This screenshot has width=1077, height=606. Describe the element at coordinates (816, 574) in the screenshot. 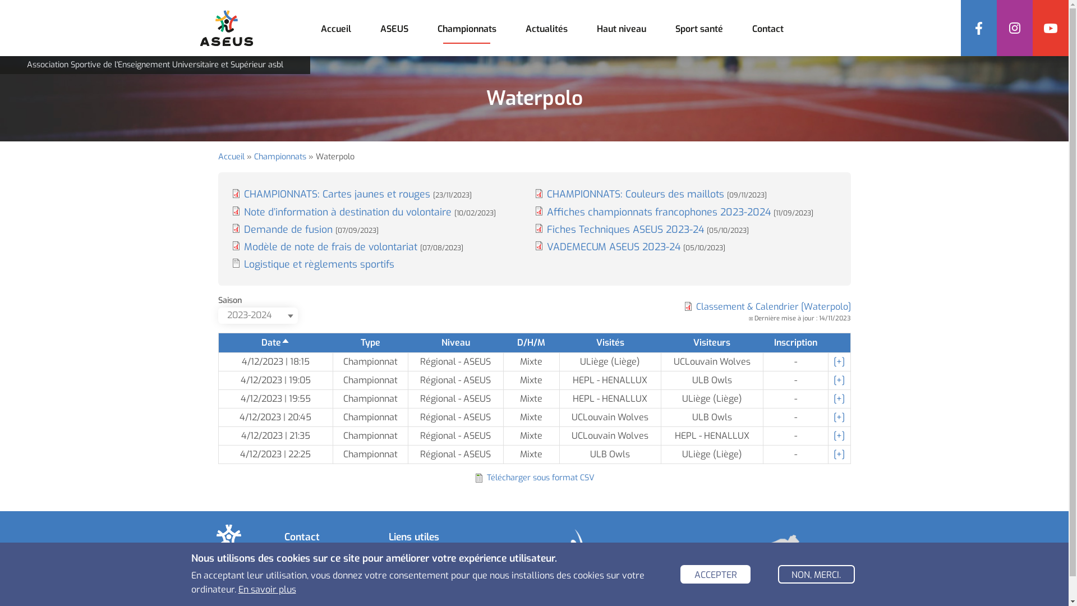

I see `'NON, MERCI.'` at that location.